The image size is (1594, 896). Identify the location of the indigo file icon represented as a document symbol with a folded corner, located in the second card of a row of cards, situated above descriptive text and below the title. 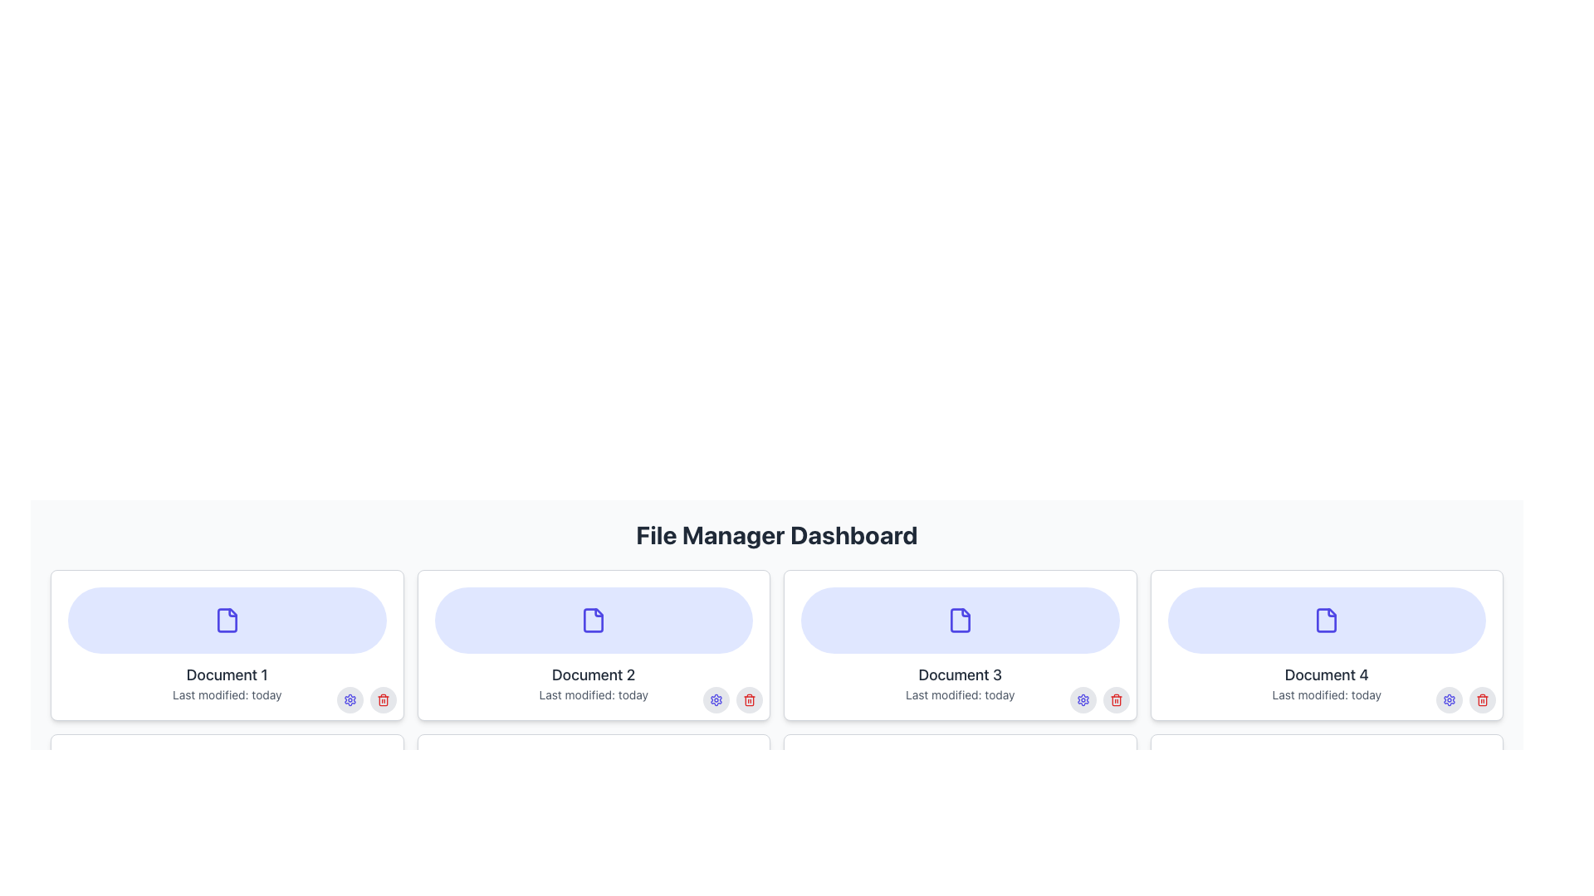
(594, 621).